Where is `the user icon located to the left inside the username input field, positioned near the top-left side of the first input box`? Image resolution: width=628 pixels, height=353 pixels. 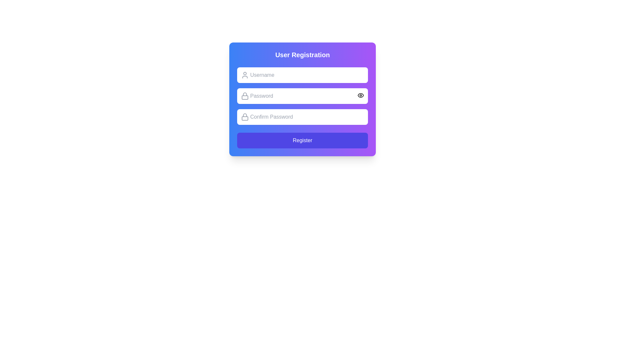
the user icon located to the left inside the username input field, positioned near the top-left side of the first input box is located at coordinates (244, 75).